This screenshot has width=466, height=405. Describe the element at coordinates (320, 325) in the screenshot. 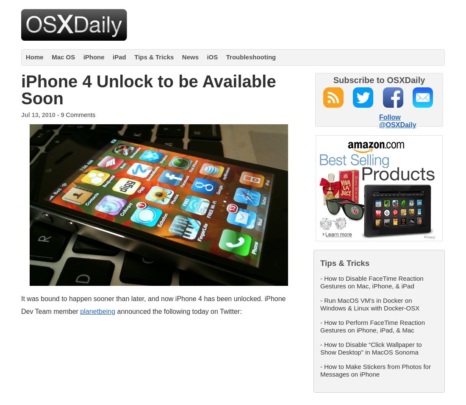

I see `'How to Perform FaceTime Reaction Gestures on iPhone, iPad, & Mac'` at that location.